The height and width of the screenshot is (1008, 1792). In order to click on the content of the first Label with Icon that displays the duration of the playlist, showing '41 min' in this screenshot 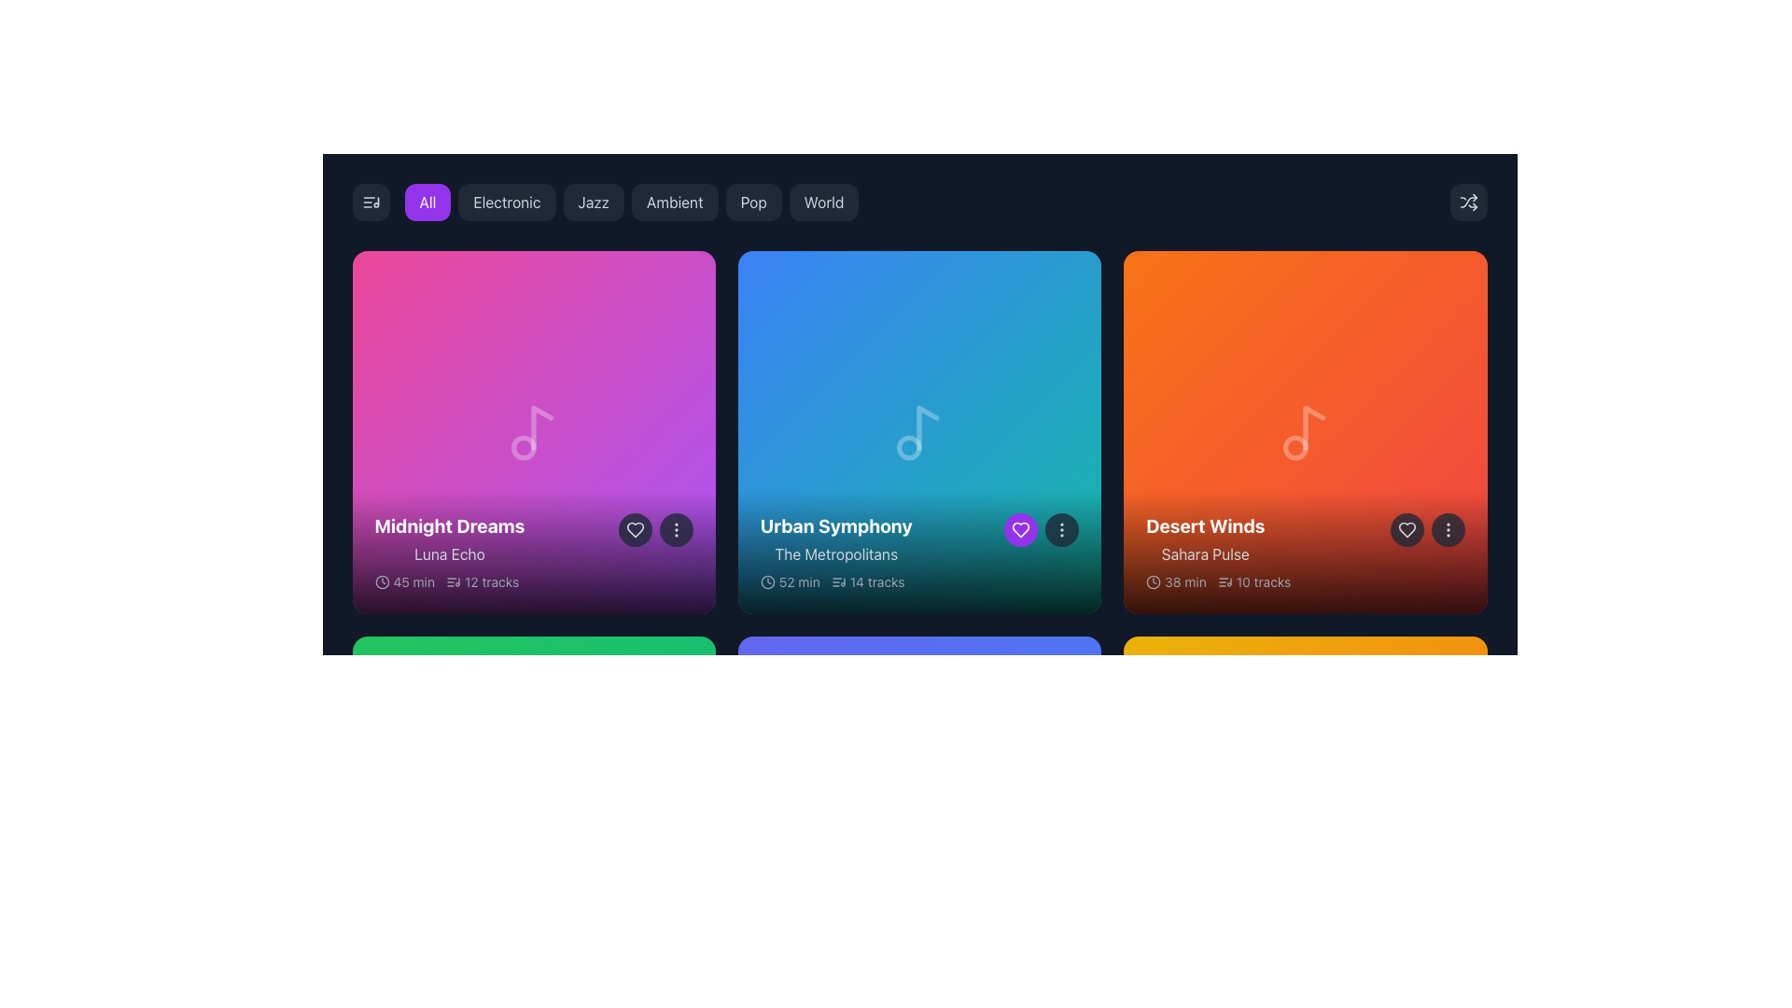, I will do `click(402, 967)`.